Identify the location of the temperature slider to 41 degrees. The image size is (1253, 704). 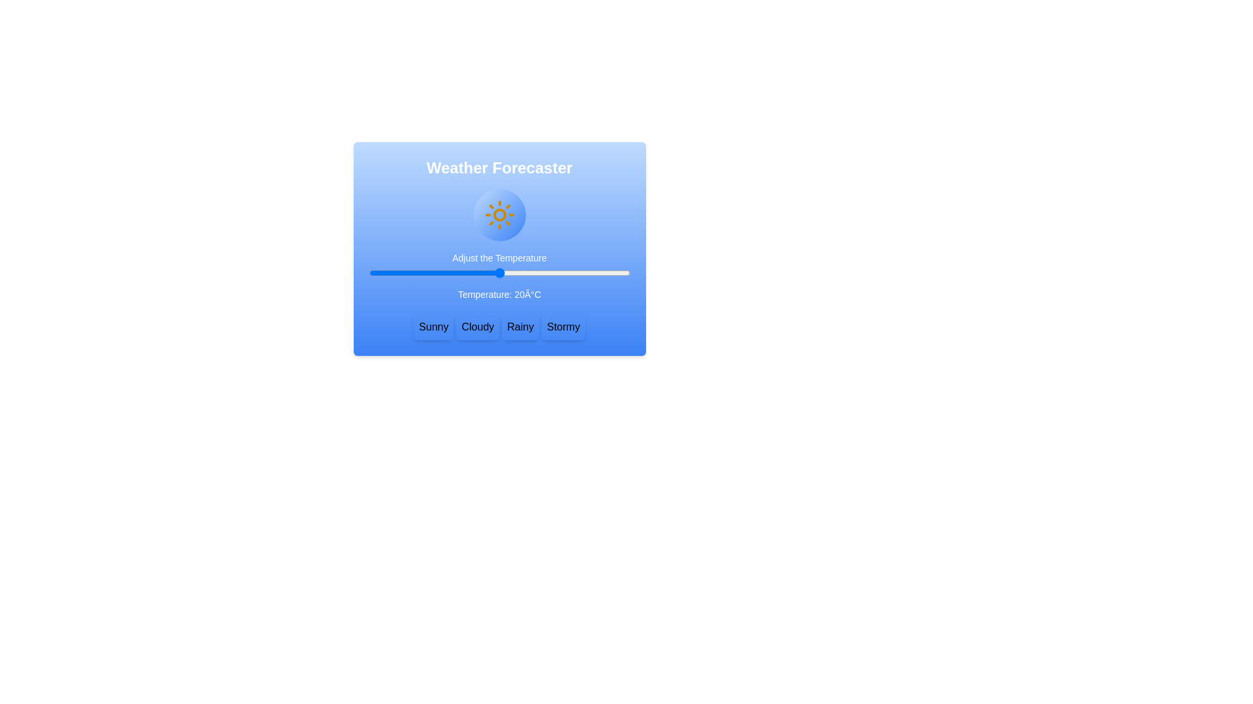
(590, 272).